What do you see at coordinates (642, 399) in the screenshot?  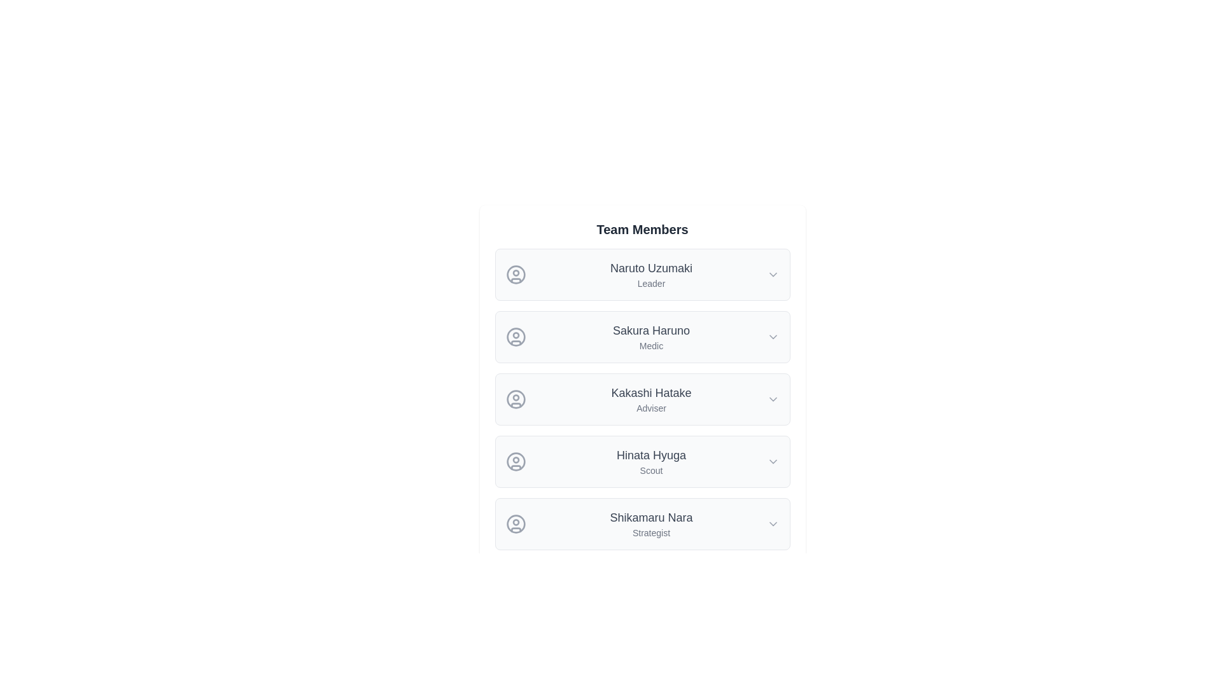 I see `the List item panel displaying 'Kakashi Hatake'` at bounding box center [642, 399].